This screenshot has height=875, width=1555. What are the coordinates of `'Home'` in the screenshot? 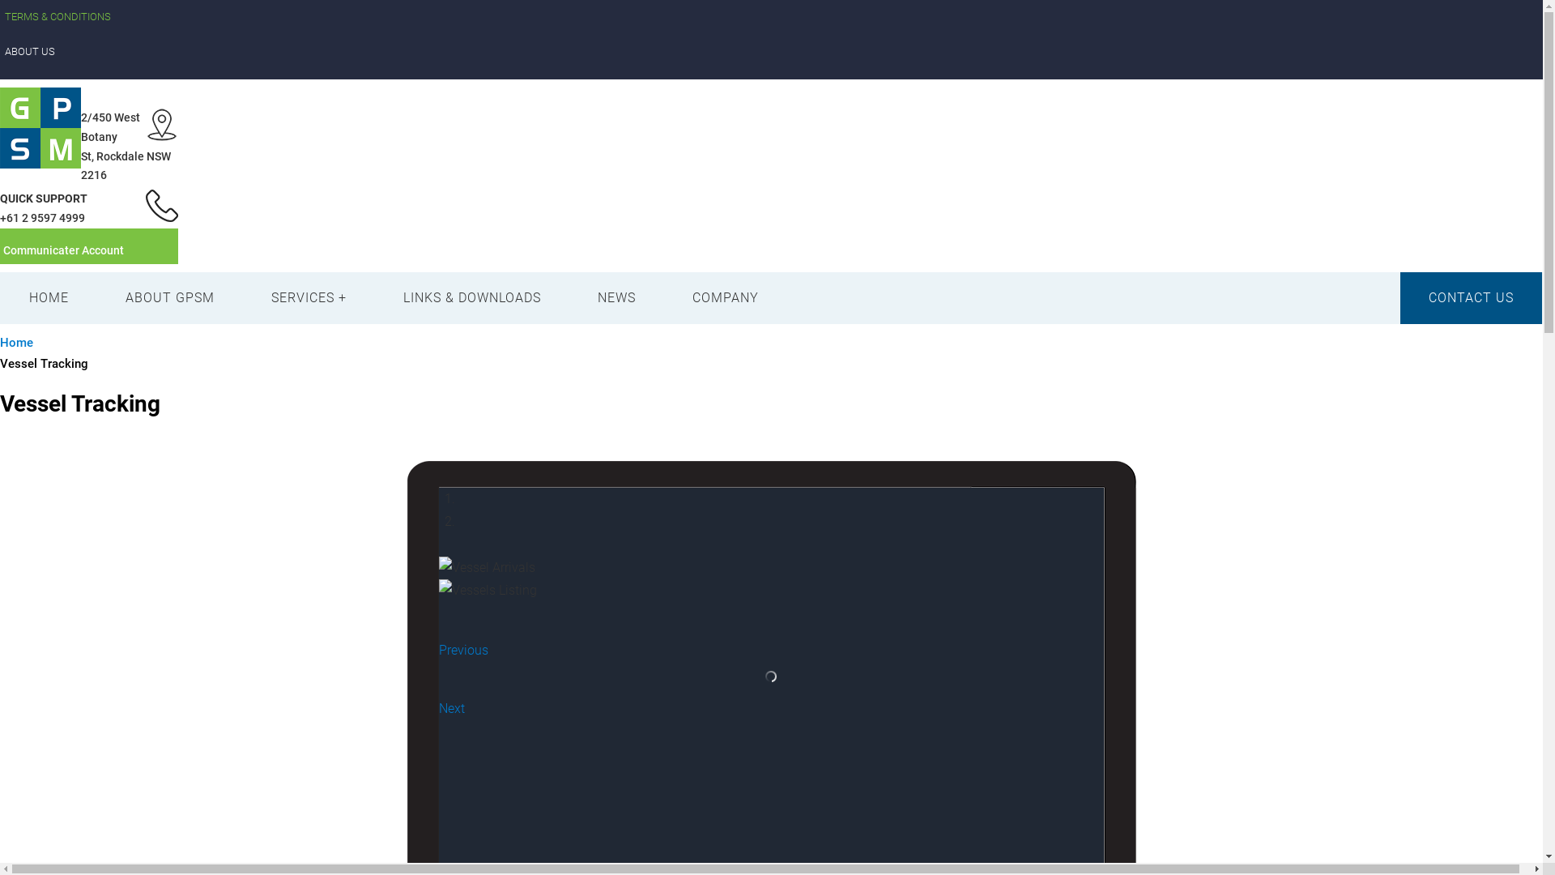 It's located at (16, 342).